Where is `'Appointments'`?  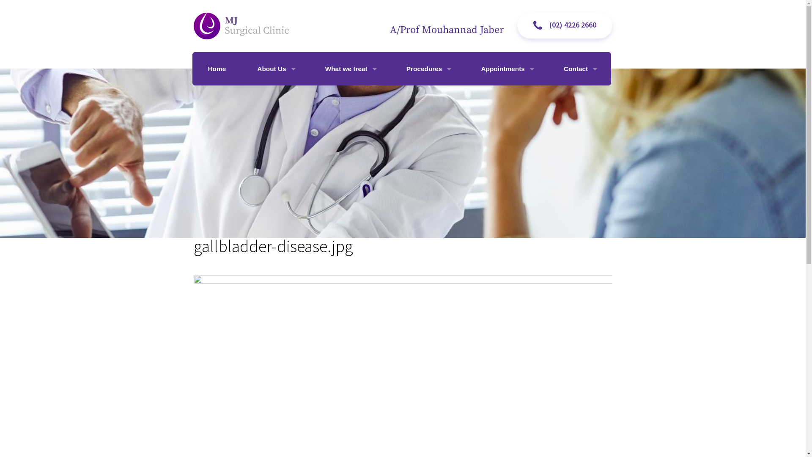
'Appointments' is located at coordinates (506, 68).